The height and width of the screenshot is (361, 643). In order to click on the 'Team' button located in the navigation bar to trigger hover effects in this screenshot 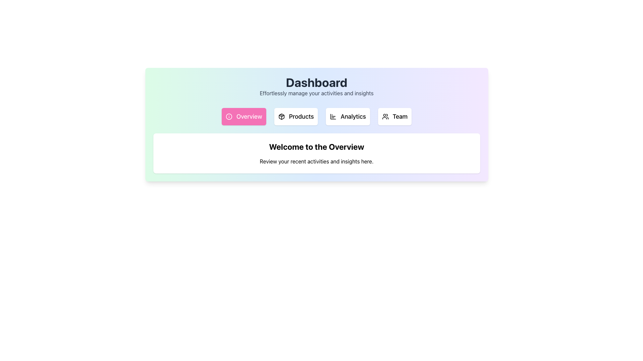, I will do `click(395, 116)`.